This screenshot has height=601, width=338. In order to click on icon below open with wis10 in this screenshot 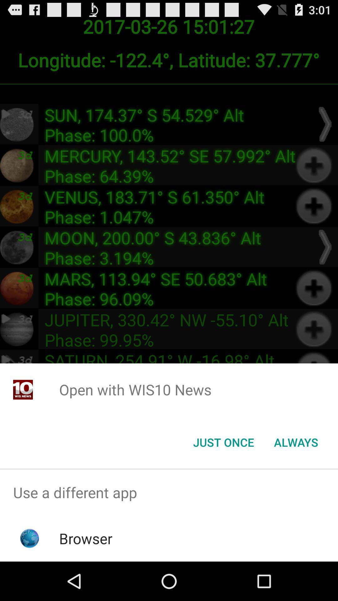, I will do `click(296, 442)`.